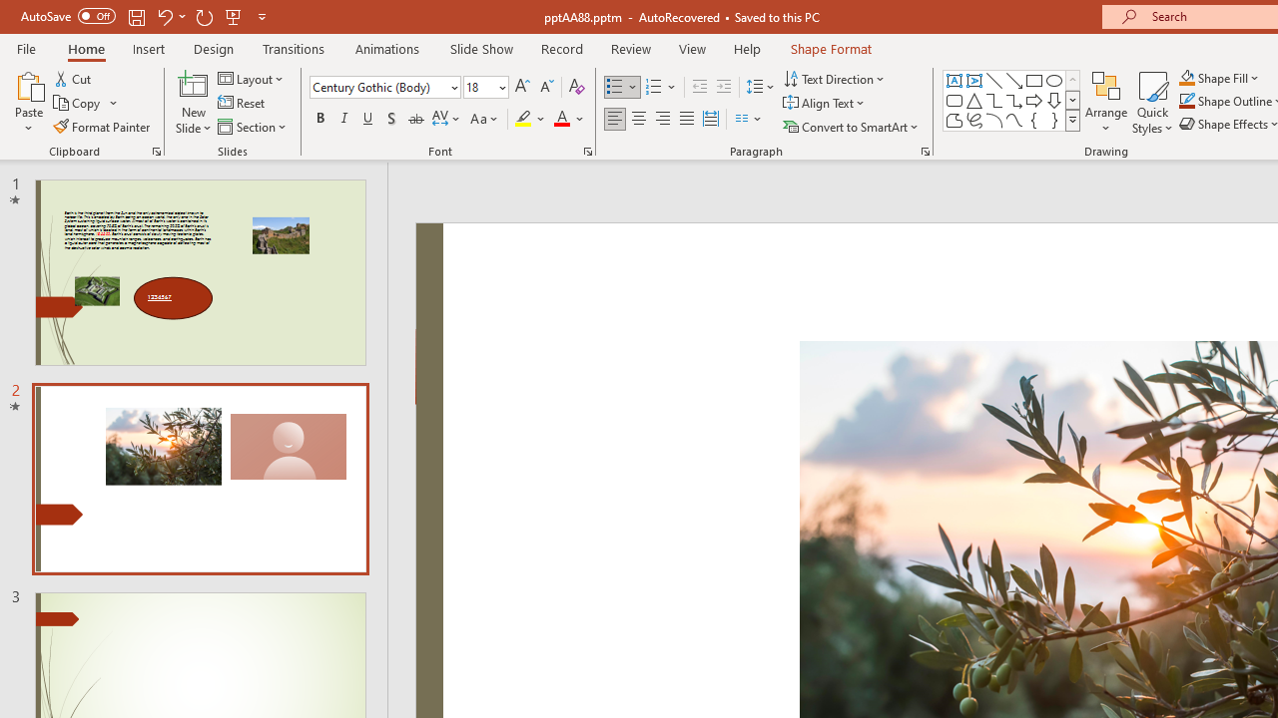 This screenshot has height=718, width=1278. What do you see at coordinates (699, 86) in the screenshot?
I see `'Decrease Indent'` at bounding box center [699, 86].